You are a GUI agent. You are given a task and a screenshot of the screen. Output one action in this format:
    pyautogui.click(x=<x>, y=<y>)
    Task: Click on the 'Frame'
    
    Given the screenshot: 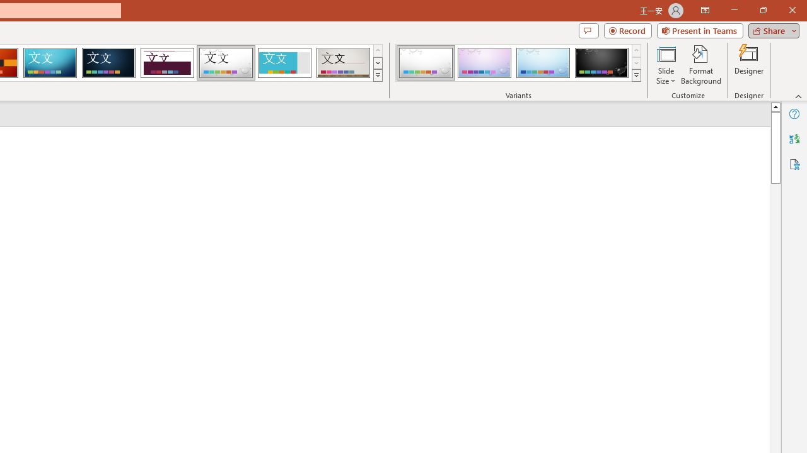 What is the action you would take?
    pyautogui.click(x=284, y=63)
    